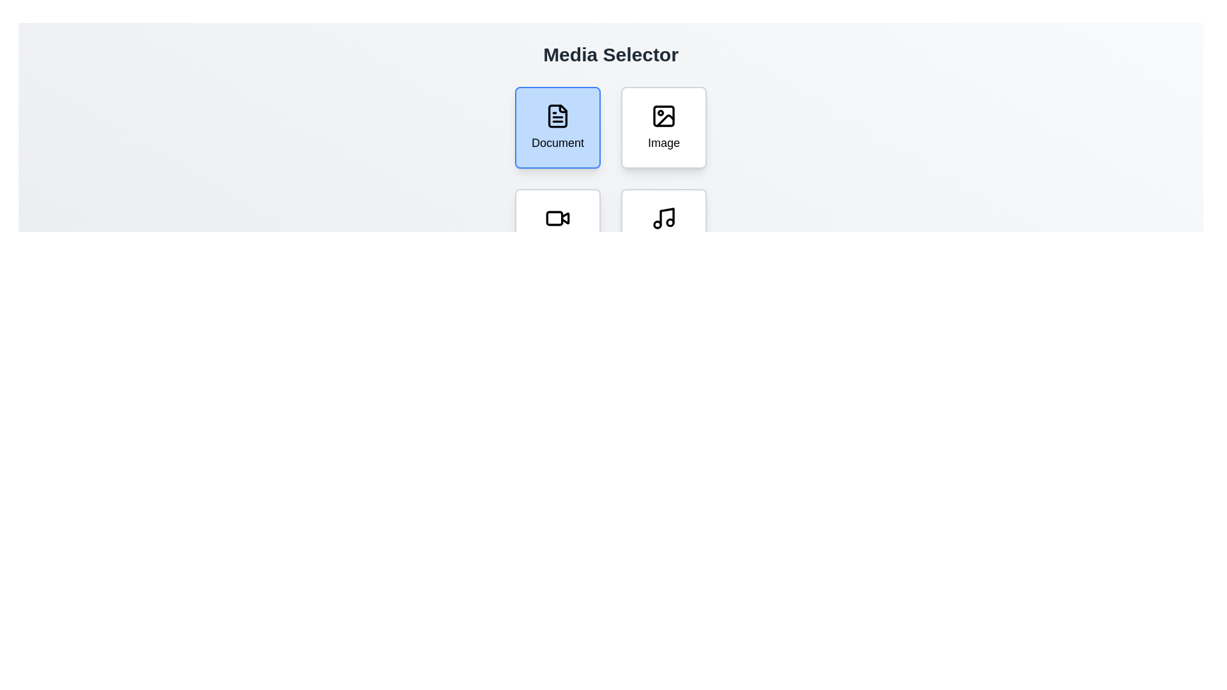 The width and height of the screenshot is (1227, 690). What do you see at coordinates (610, 54) in the screenshot?
I see `the heading text 'Media Selector'` at bounding box center [610, 54].